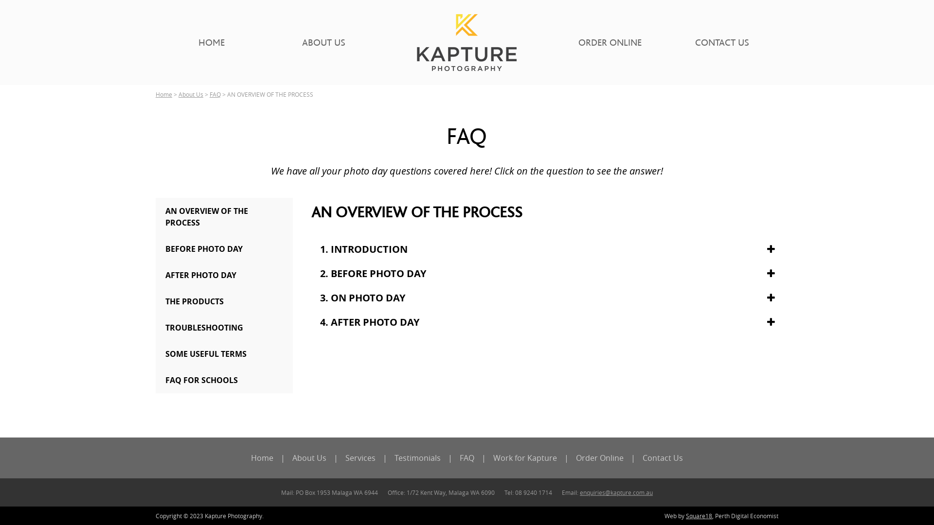 This screenshot has height=525, width=934. Describe the element at coordinates (178, 94) in the screenshot. I see `'About Us'` at that location.